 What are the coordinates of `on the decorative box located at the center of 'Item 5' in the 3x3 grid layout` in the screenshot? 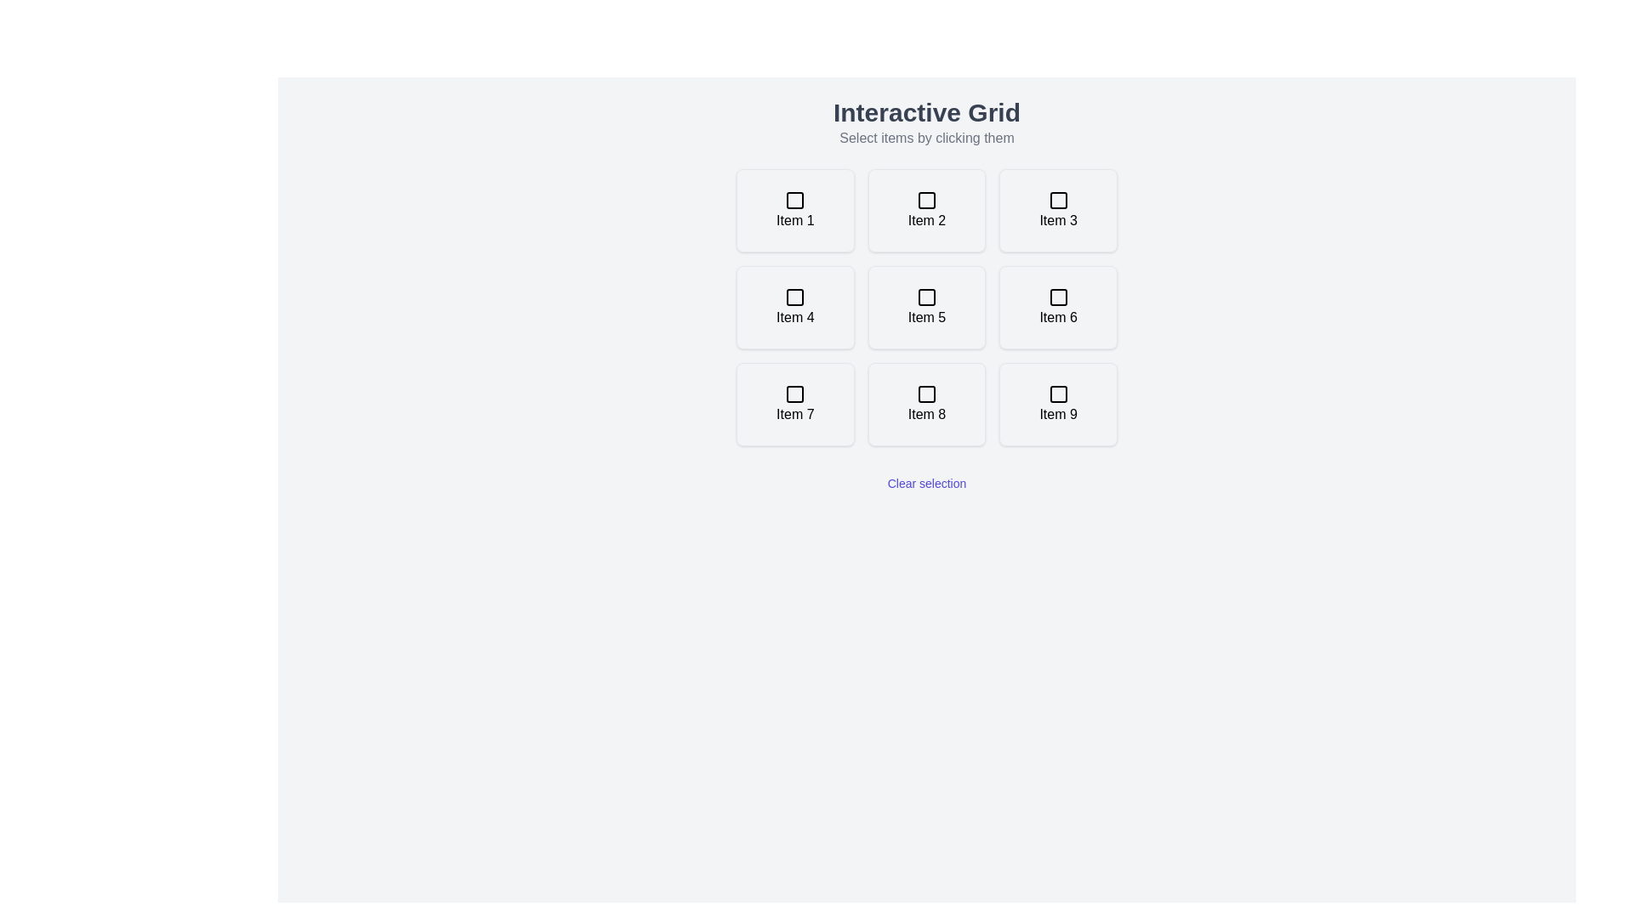 It's located at (925, 297).